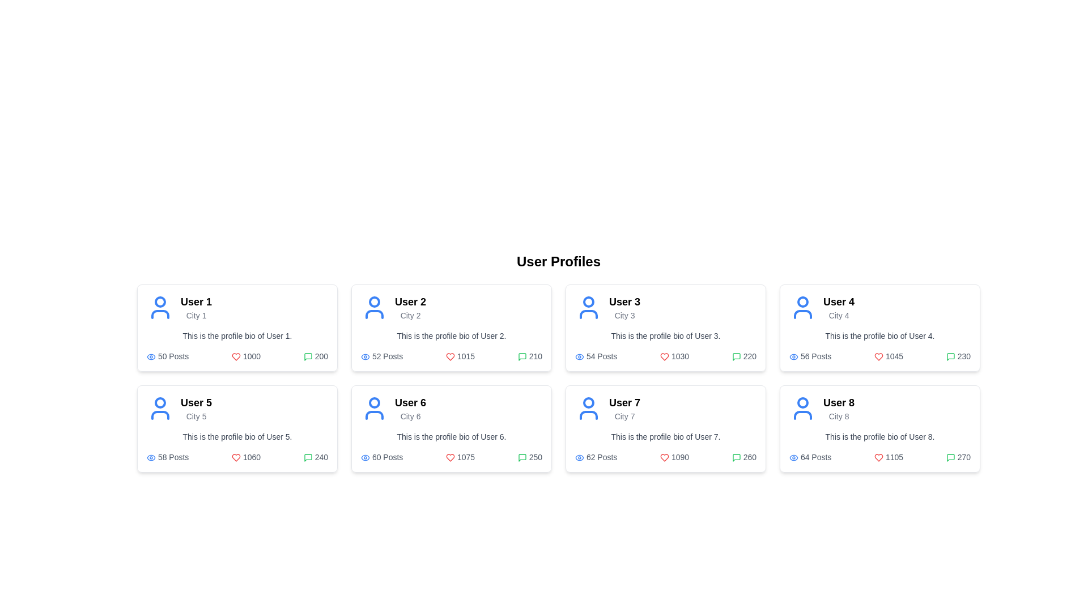 This screenshot has height=612, width=1088. I want to click on the static text element displaying 'This is the profile bio of User 4.' located in the profile card for User 4, so click(879, 335).